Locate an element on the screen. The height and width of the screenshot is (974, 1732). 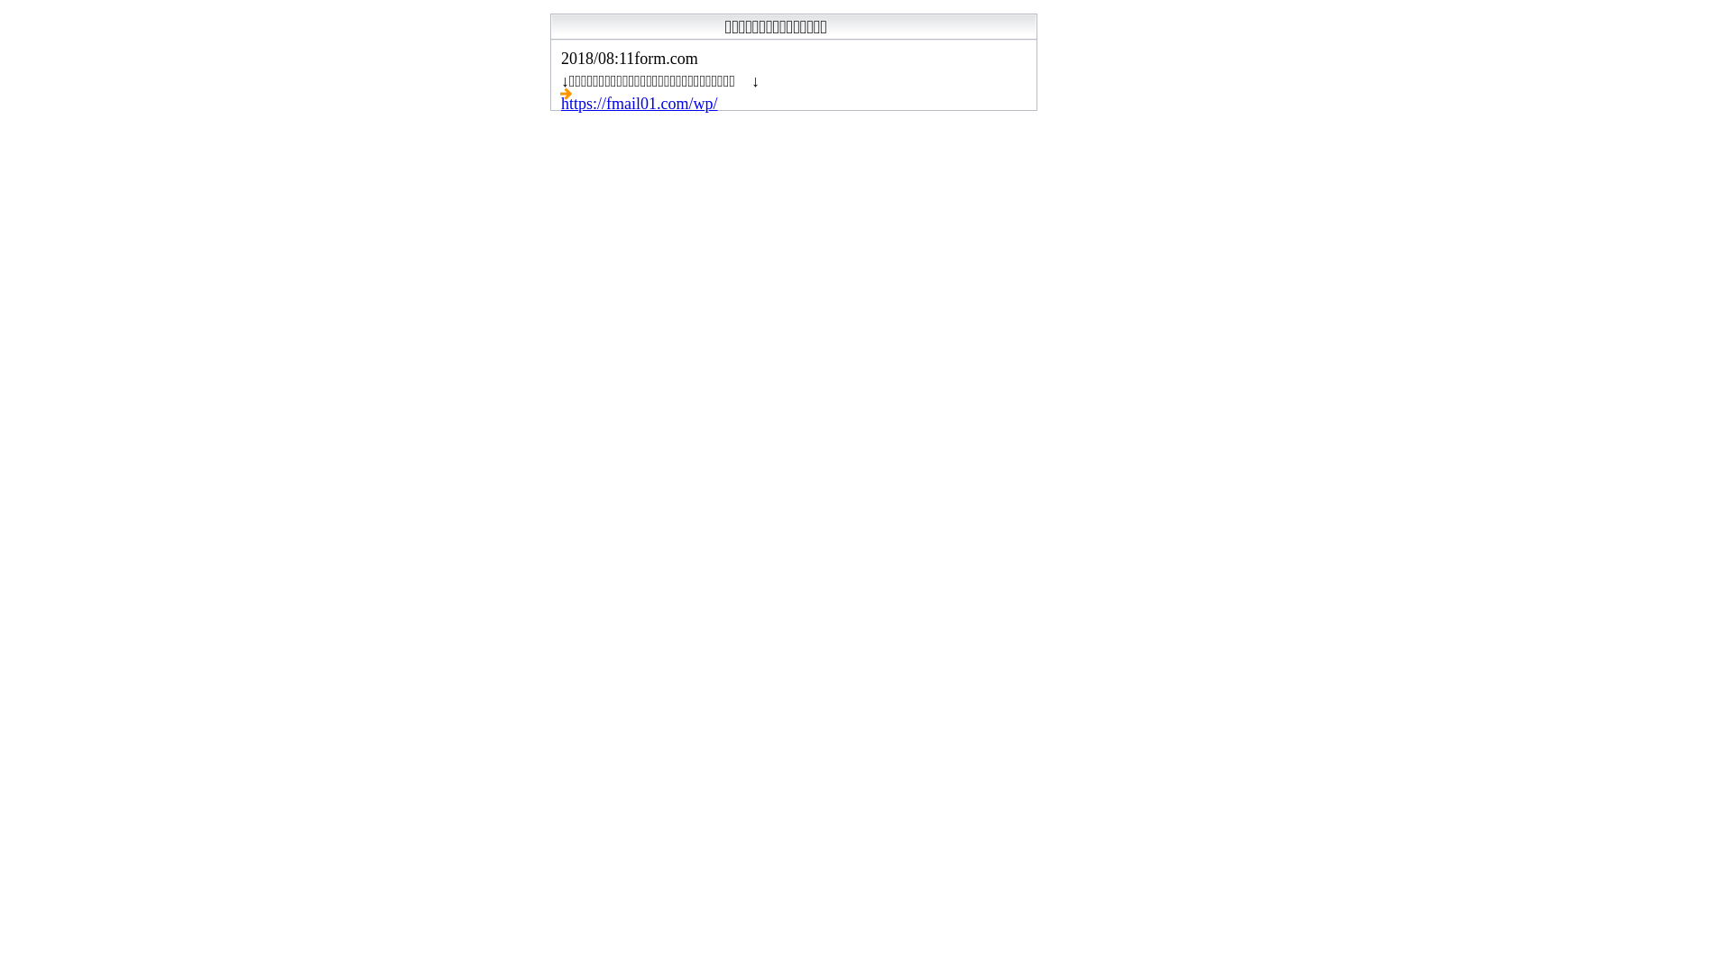
'https://fmail01.com/wp/' is located at coordinates (640, 104).